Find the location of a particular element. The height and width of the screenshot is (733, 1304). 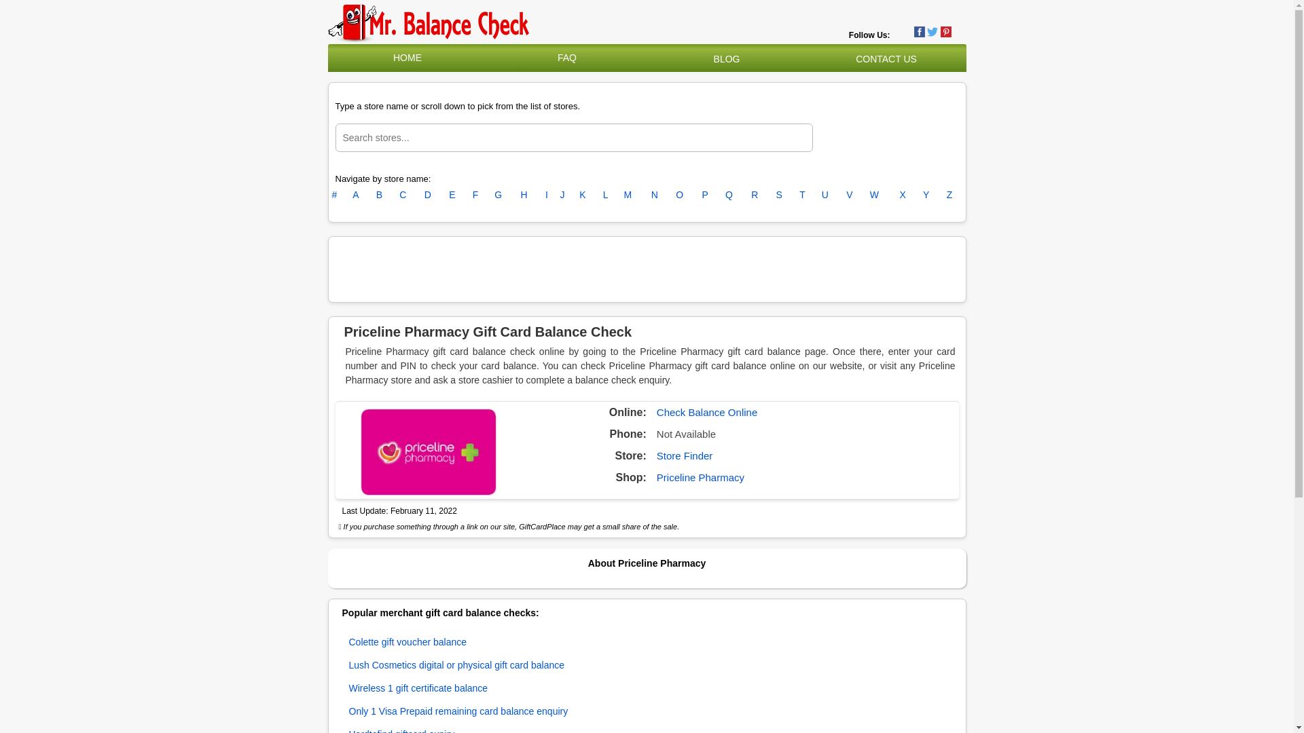

'G' is located at coordinates (497, 194).